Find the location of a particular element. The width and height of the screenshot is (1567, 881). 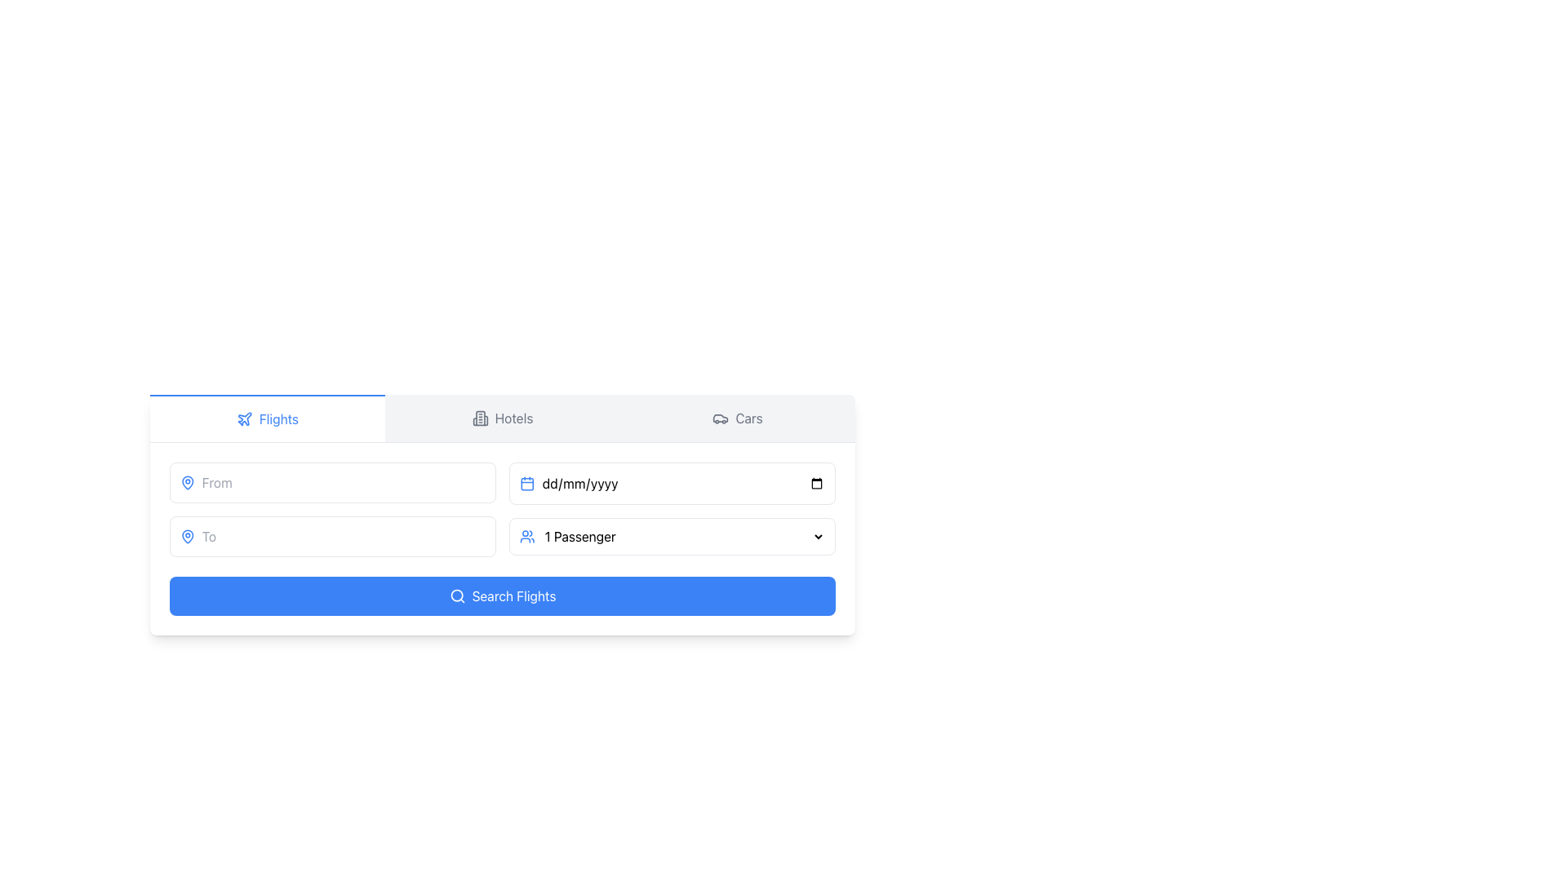

the 'Cars' button located as the third and rightmost element in the navigation section is located at coordinates (736, 418).